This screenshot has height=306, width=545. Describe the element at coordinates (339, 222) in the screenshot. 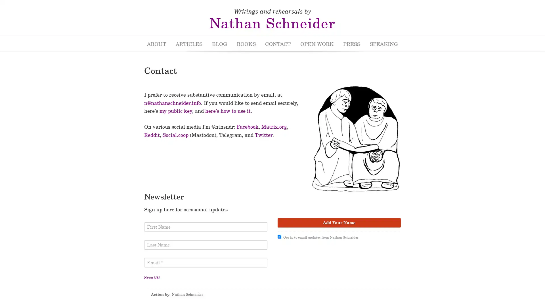

I see `Add Your Name` at that location.